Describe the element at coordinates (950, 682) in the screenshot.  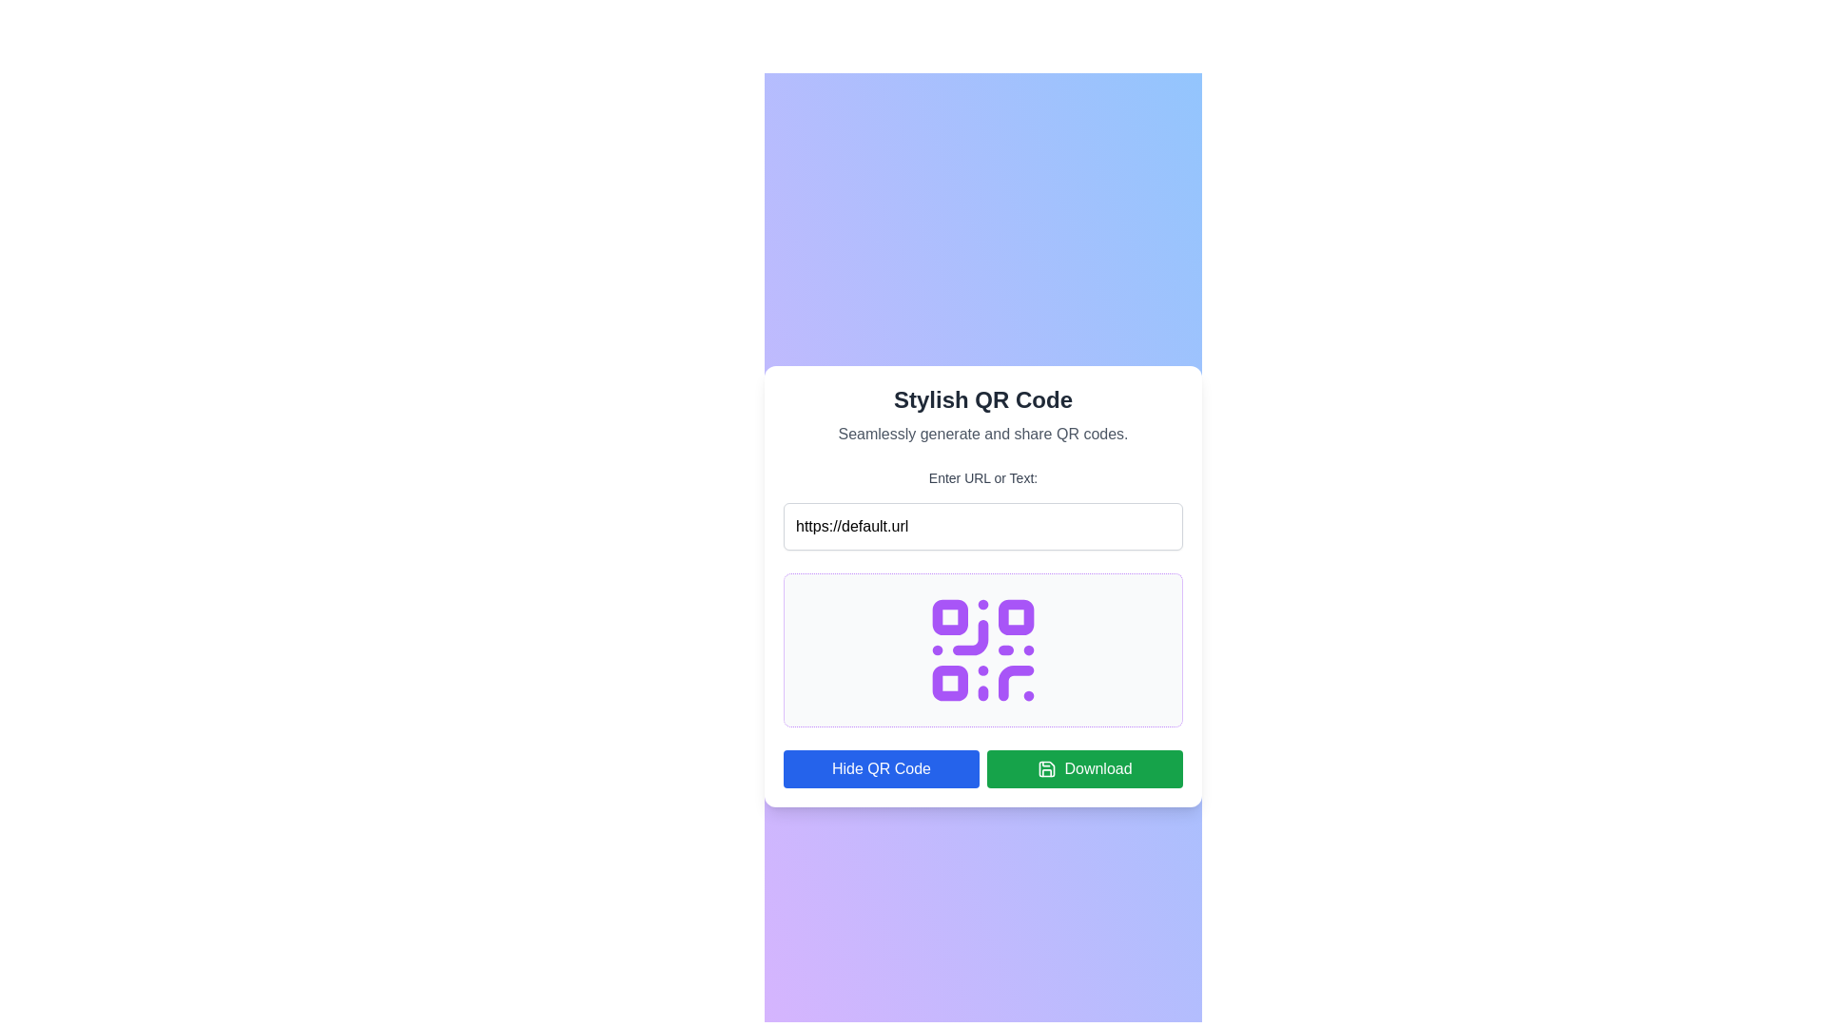
I see `the small, purple square with rounded corners located in the bottom left of the QR code graphic, which is the third square component of the QR code` at that location.